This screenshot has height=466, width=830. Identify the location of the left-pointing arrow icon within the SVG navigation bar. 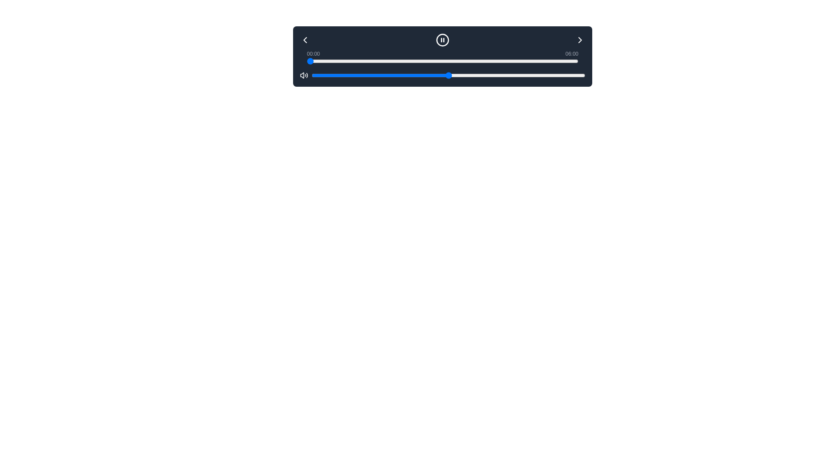
(305, 40).